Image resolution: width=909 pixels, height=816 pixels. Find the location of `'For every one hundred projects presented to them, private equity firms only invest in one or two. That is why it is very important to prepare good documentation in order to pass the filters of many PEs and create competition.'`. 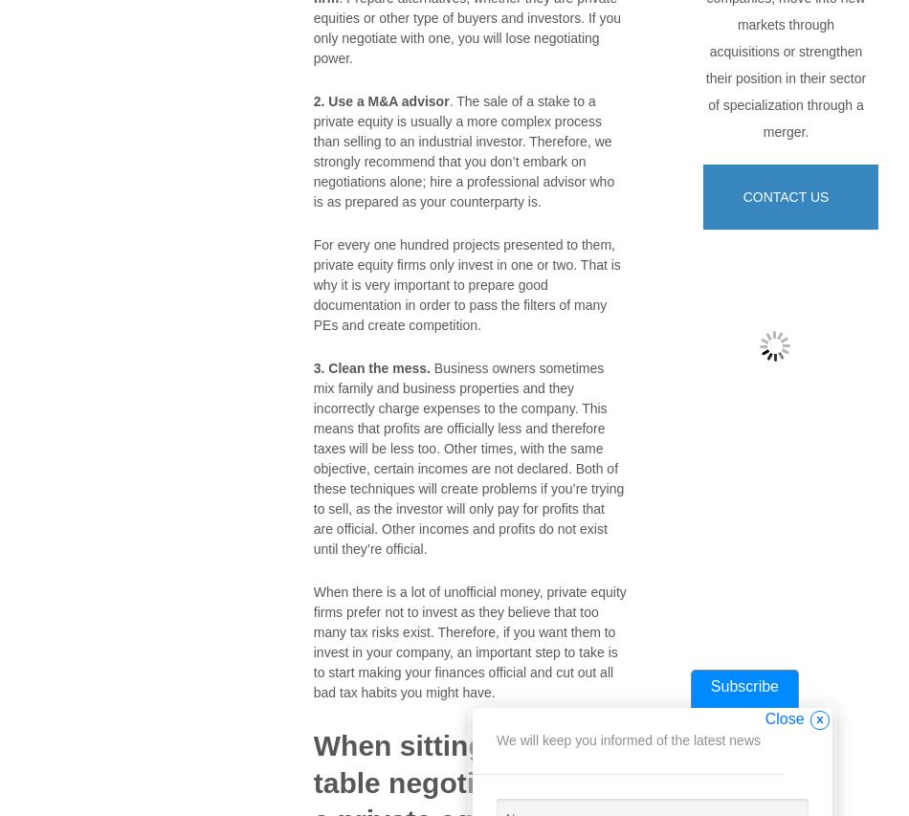

'For every one hundred projects presented to them, private equity firms only invest in one or two. That is why it is very important to prepare good documentation in order to pass the filters of many PEs and create competition.' is located at coordinates (466, 284).